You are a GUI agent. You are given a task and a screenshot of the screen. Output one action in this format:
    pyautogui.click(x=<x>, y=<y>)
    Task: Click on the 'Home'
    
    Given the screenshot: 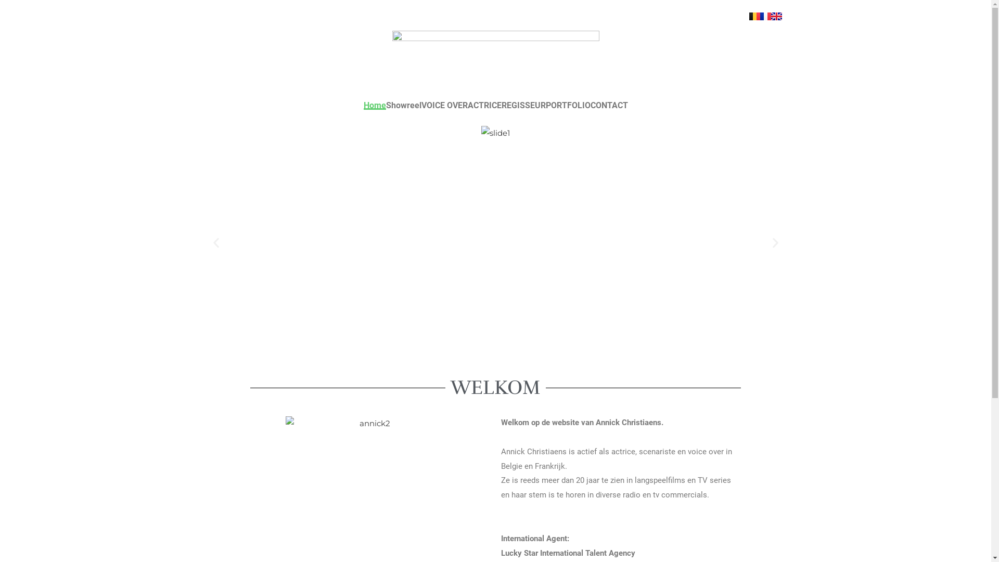 What is the action you would take?
    pyautogui.click(x=363, y=106)
    